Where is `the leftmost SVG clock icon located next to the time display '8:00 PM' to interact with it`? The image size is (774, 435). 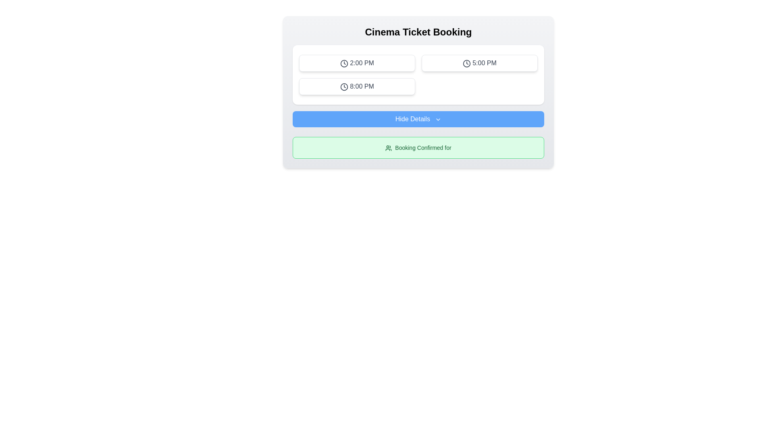 the leftmost SVG clock icon located next to the time display '8:00 PM' to interact with it is located at coordinates (344, 87).